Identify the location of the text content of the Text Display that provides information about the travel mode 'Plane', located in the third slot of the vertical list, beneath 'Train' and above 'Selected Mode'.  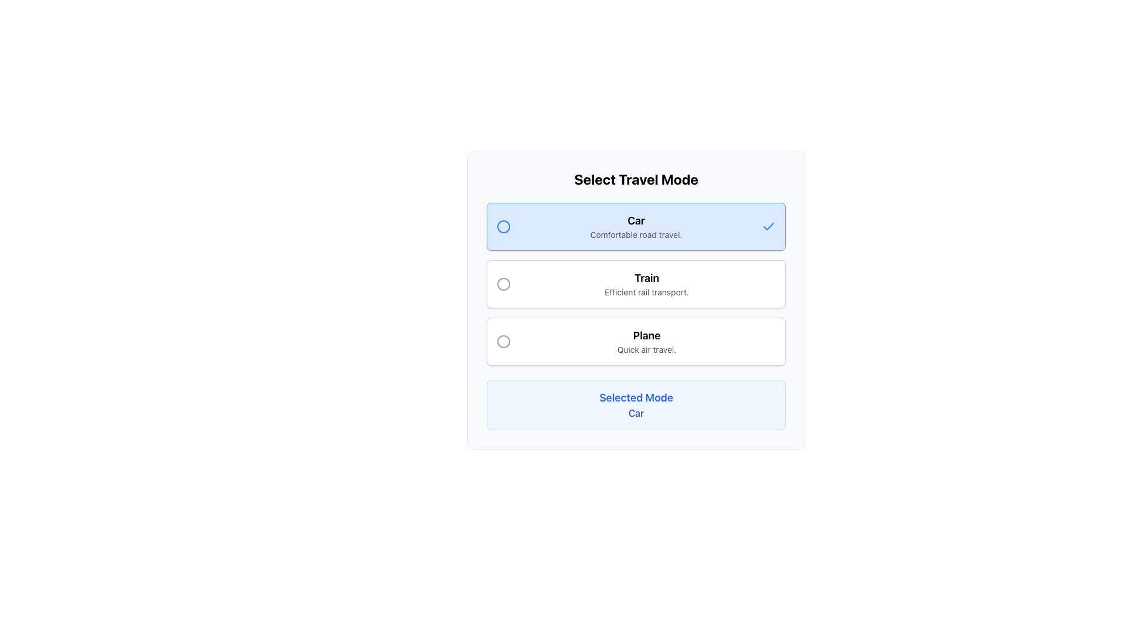
(646, 341).